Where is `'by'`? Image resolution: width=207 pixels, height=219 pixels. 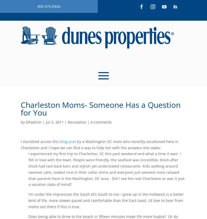 'by' is located at coordinates (21, 122).